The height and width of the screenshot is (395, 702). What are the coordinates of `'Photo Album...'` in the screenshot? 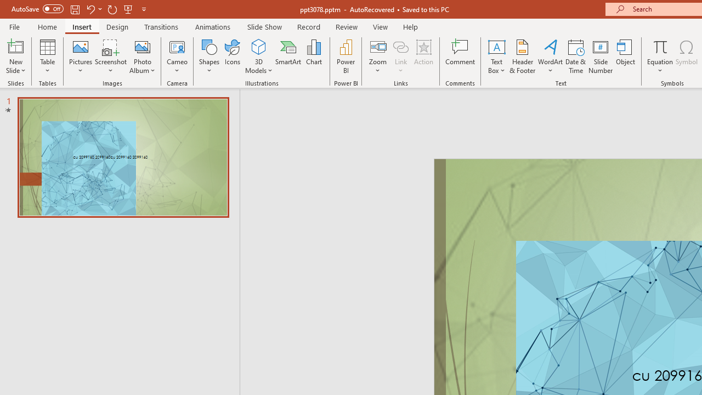 It's located at (141, 57).